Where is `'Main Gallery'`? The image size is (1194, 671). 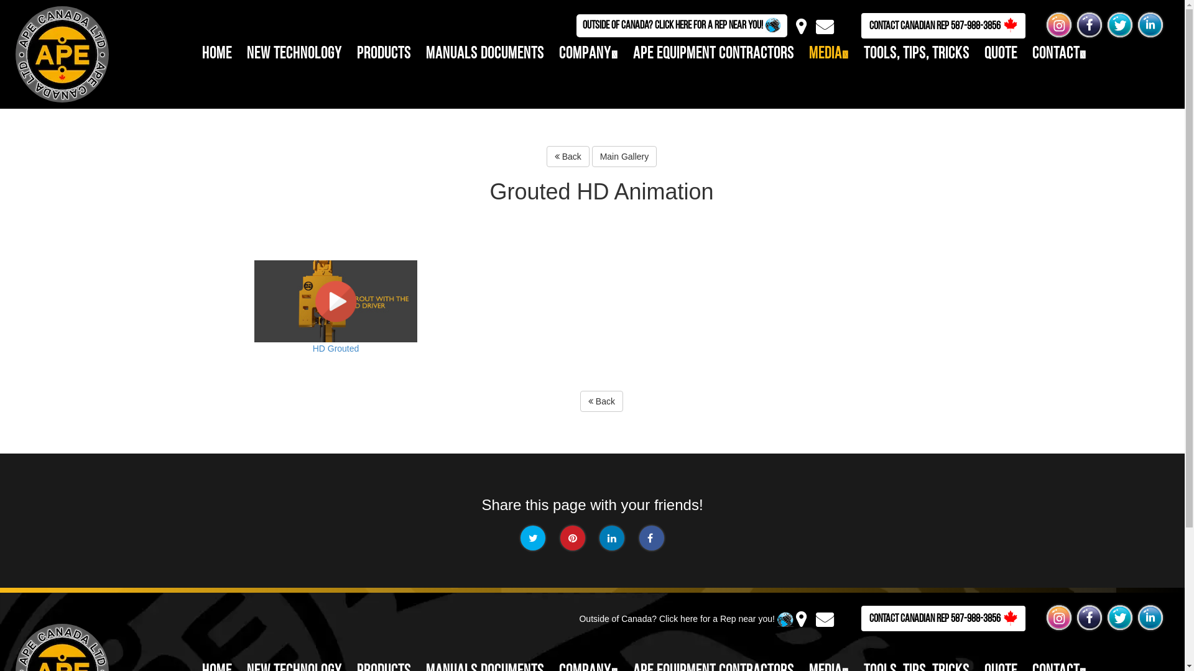
'Main Gallery' is located at coordinates (624, 155).